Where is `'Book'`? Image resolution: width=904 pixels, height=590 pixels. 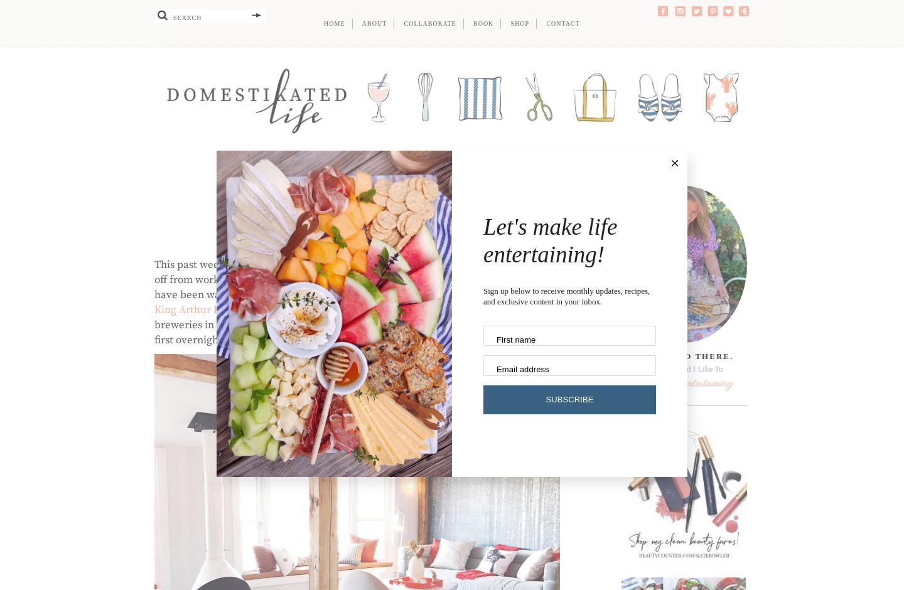 'Book' is located at coordinates (482, 23).